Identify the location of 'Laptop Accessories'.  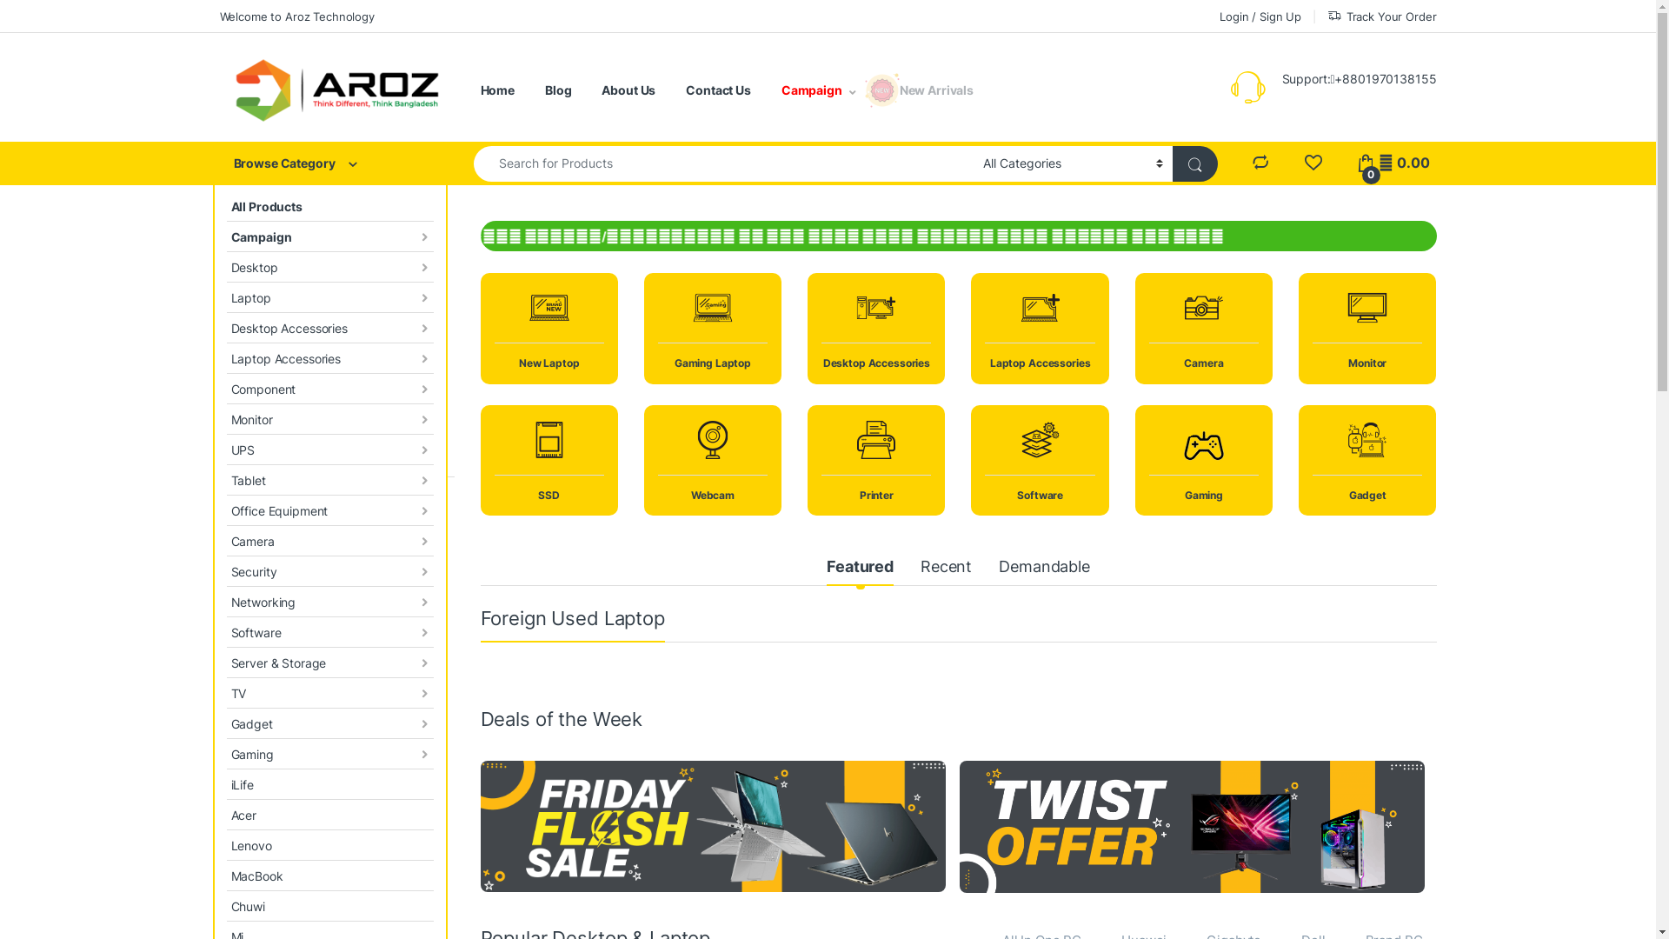
(329, 357).